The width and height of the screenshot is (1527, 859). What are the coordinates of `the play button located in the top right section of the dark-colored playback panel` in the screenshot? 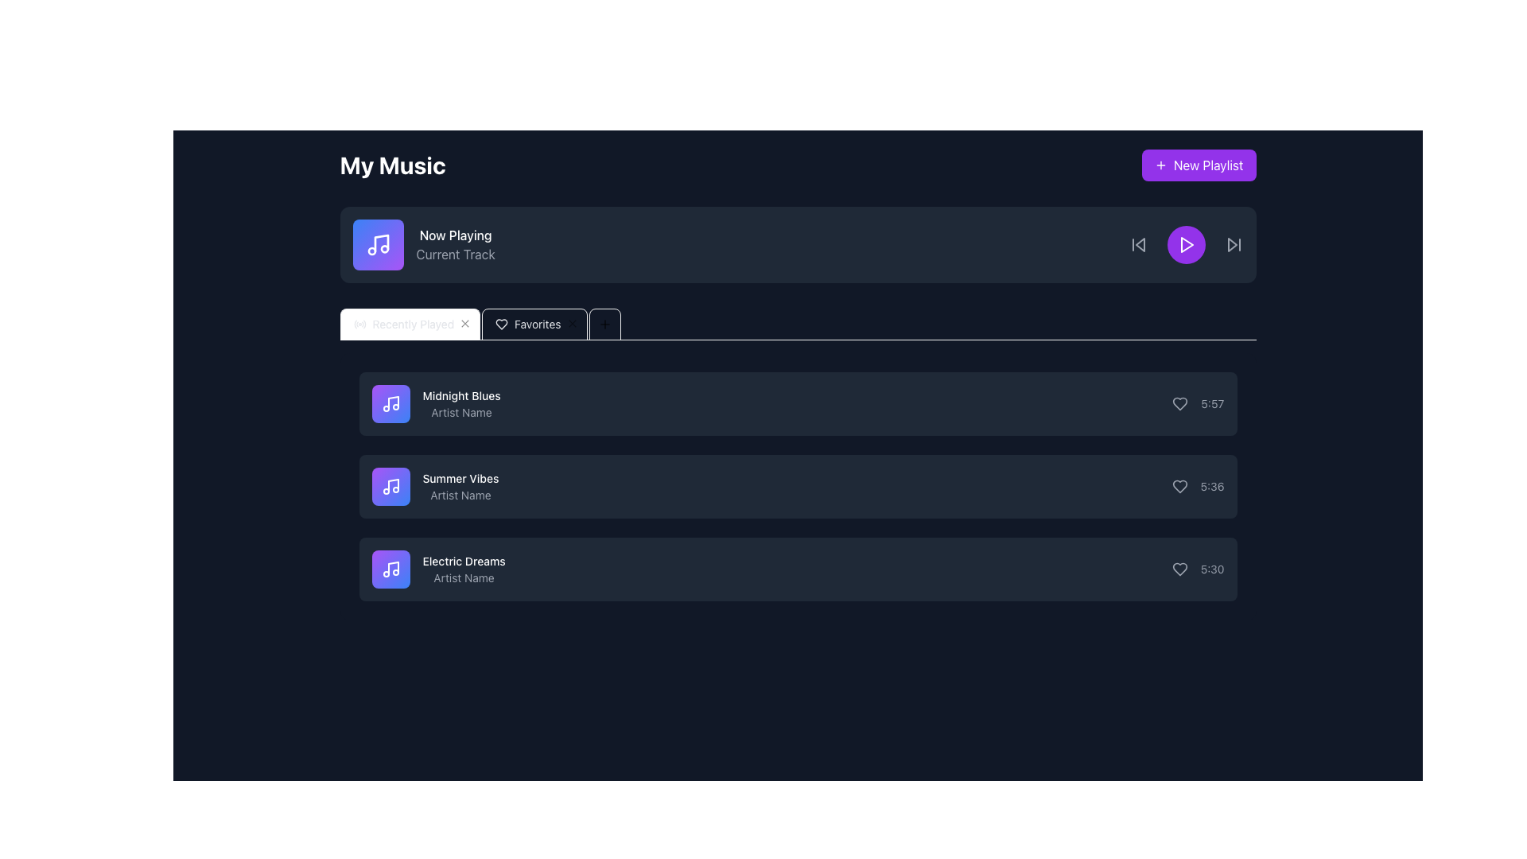 It's located at (1186, 245).